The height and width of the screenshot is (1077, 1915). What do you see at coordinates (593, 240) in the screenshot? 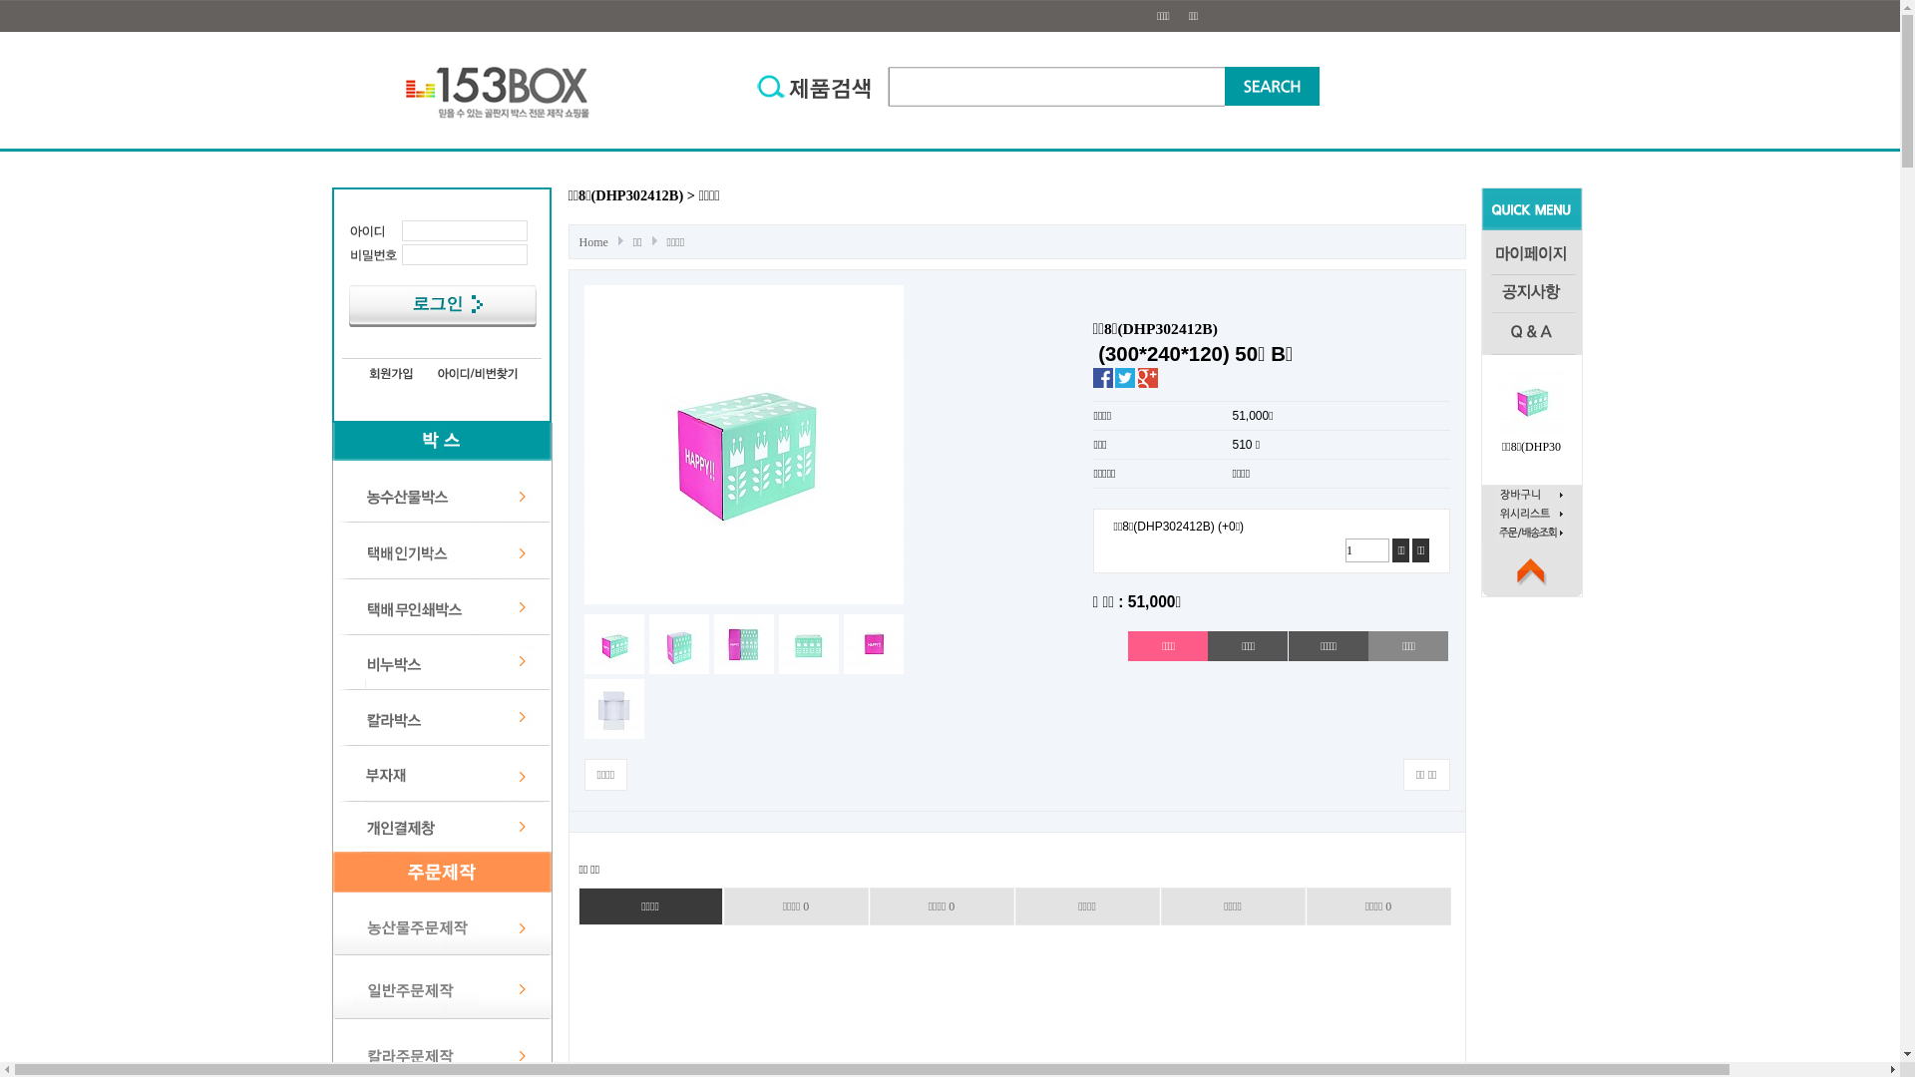
I see `'Home'` at bounding box center [593, 240].